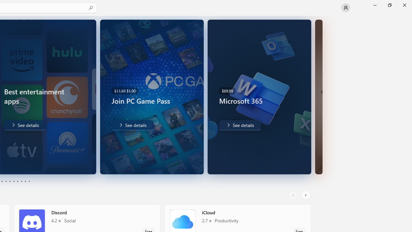 This screenshot has width=412, height=232. What do you see at coordinates (14, 181) in the screenshot?
I see `'Page 6'` at bounding box center [14, 181].